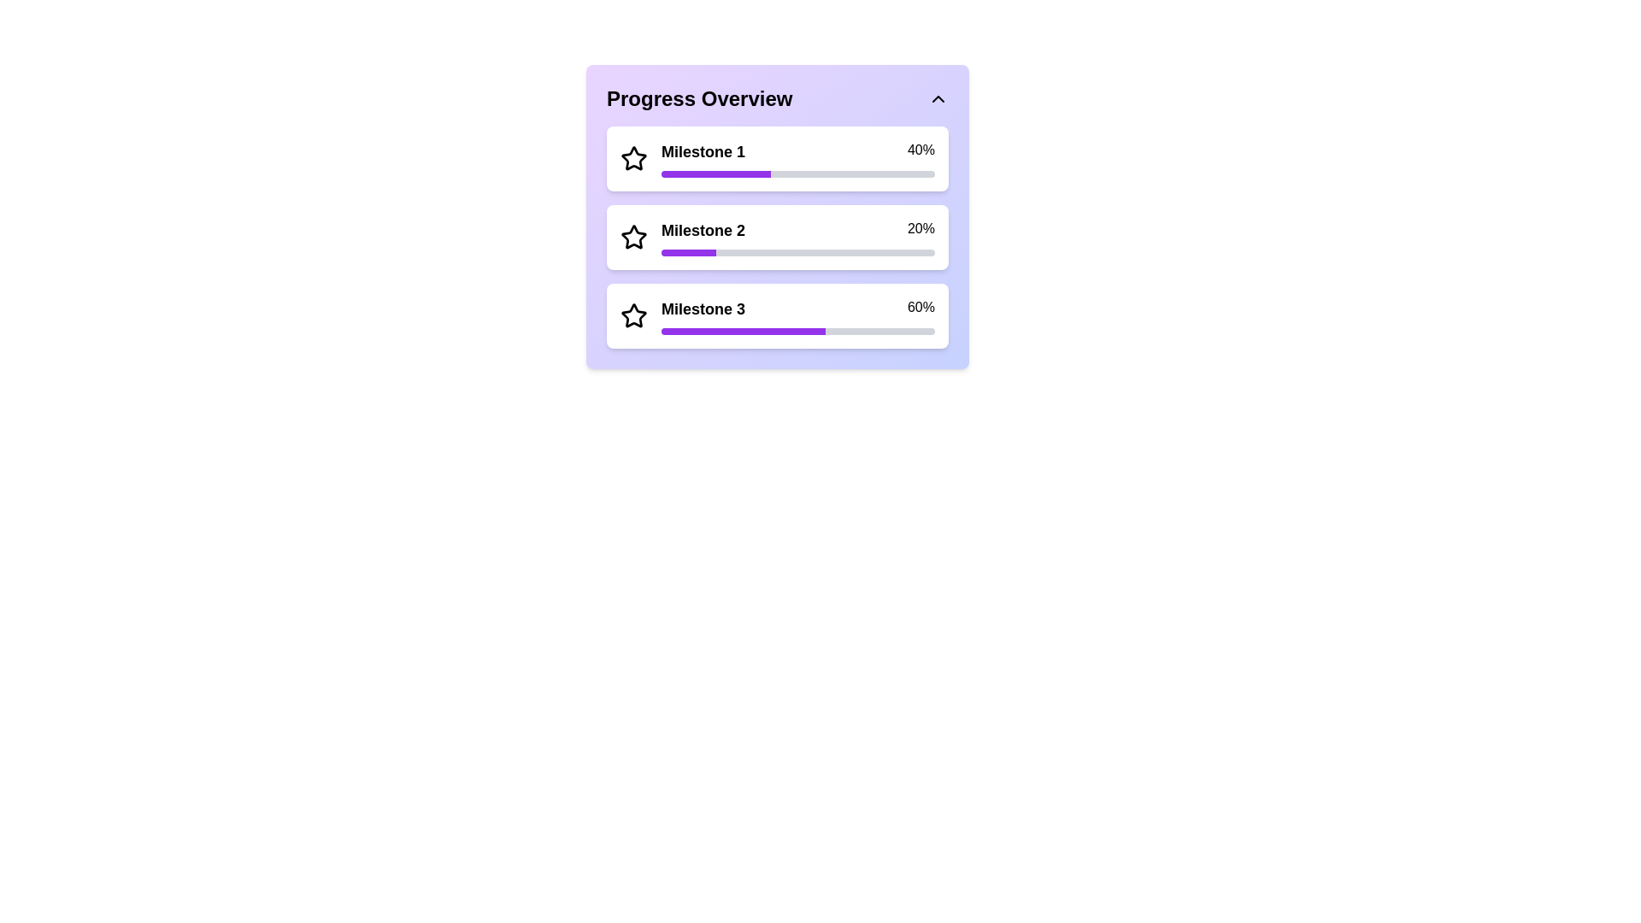 Image resolution: width=1641 pixels, height=923 pixels. Describe the element at coordinates (699, 98) in the screenshot. I see `the title text labeled 'Progress Overview', which is a bold, large-sized, black-colored font at the top-center of the interface` at that location.